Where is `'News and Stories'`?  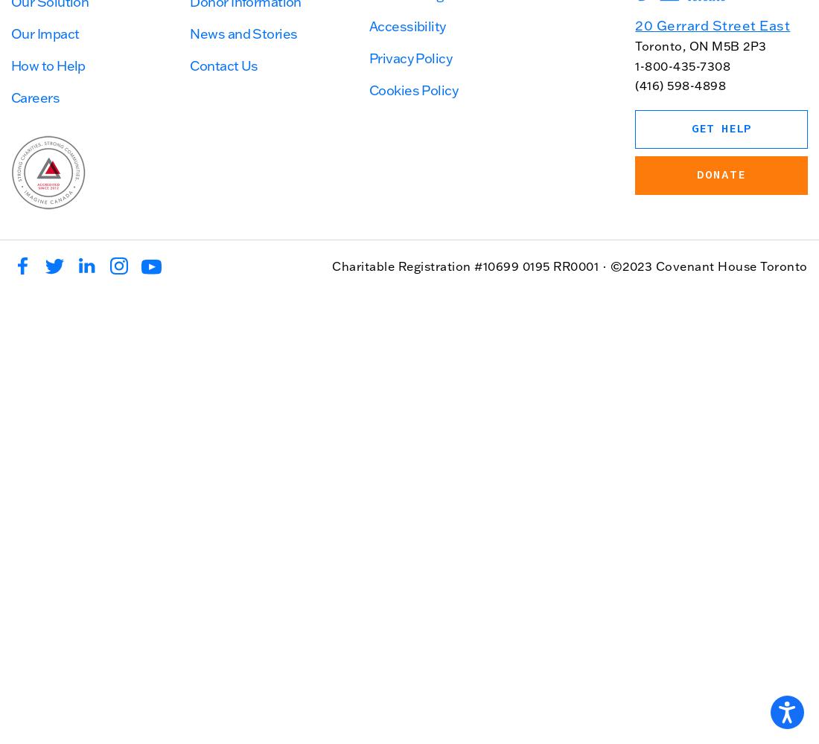
'News and Stories' is located at coordinates (189, 33).